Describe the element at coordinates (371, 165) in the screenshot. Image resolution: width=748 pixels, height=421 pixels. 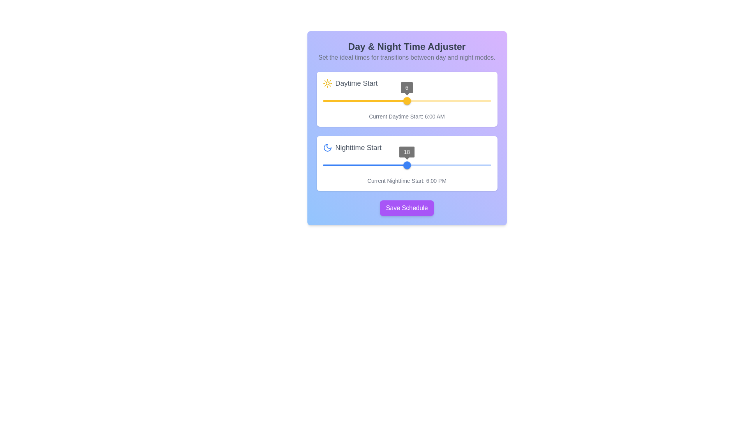
I see `the nighttime slider` at that location.